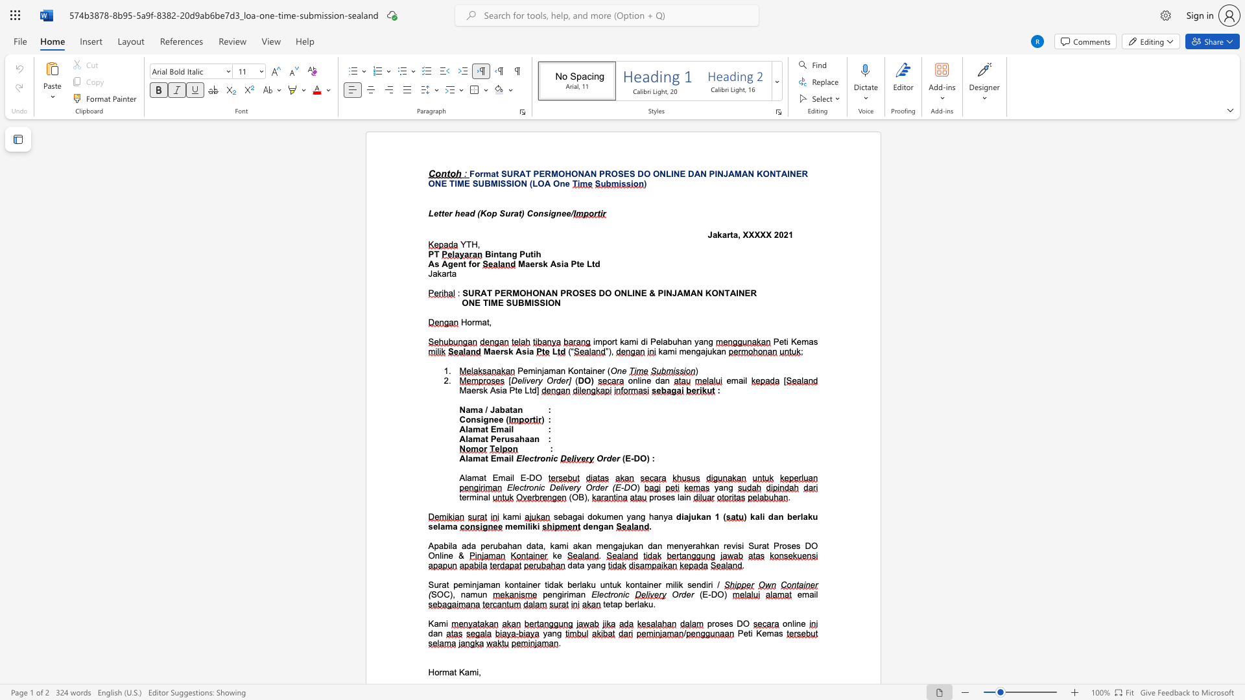 The height and width of the screenshot is (700, 1245). I want to click on the subset text "Asi" within the text "Maersk Asia Pte Ltd", so click(550, 263).